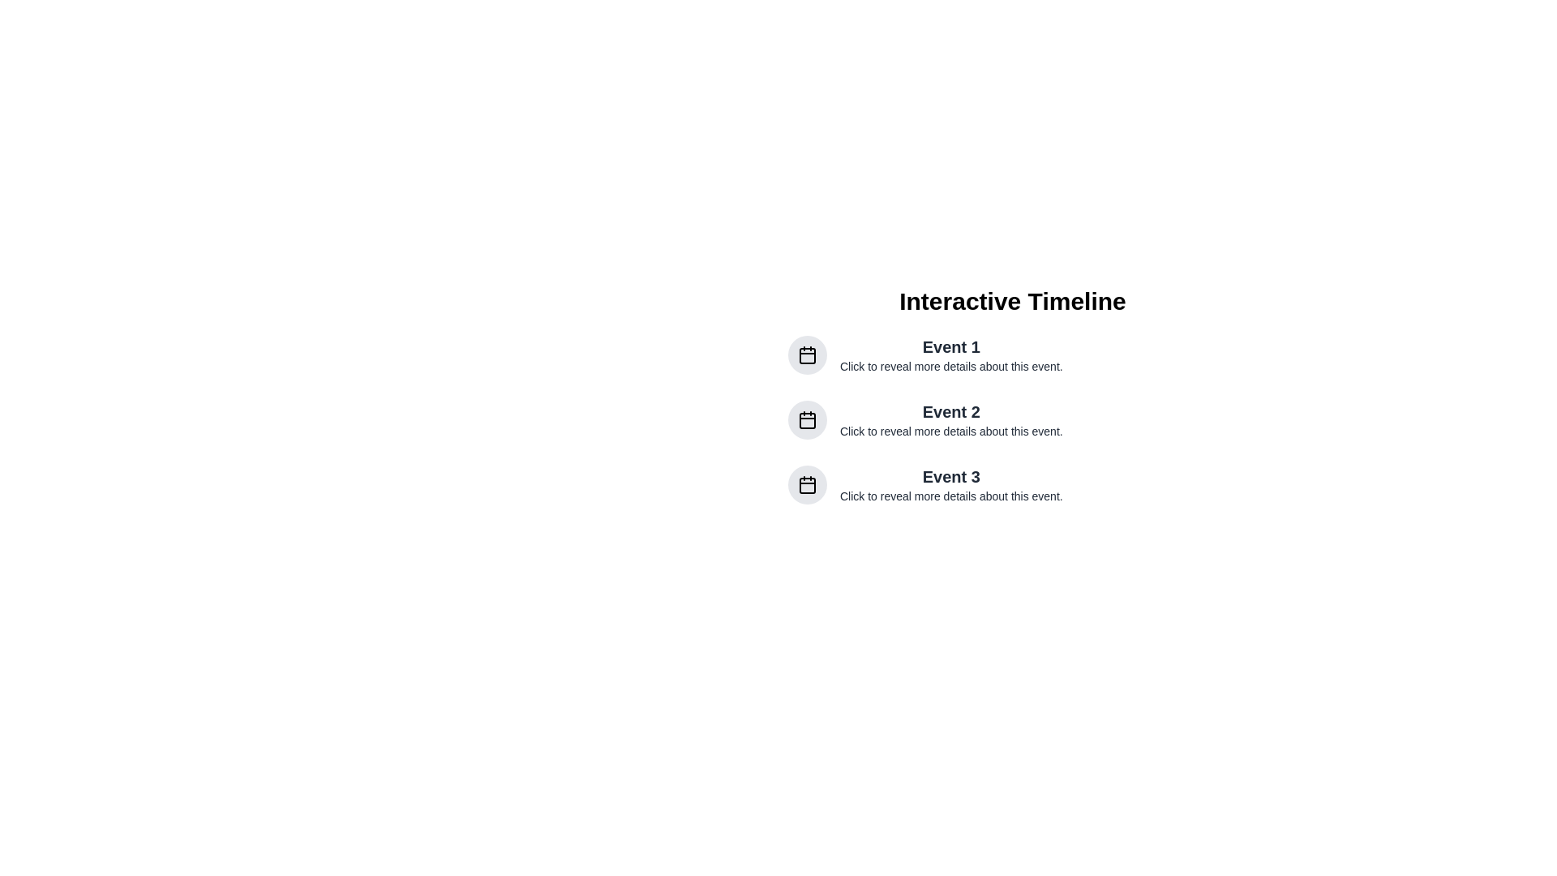  I want to click on the third calendar icon under the 'Interactive Timeline' heading, so click(808, 483).